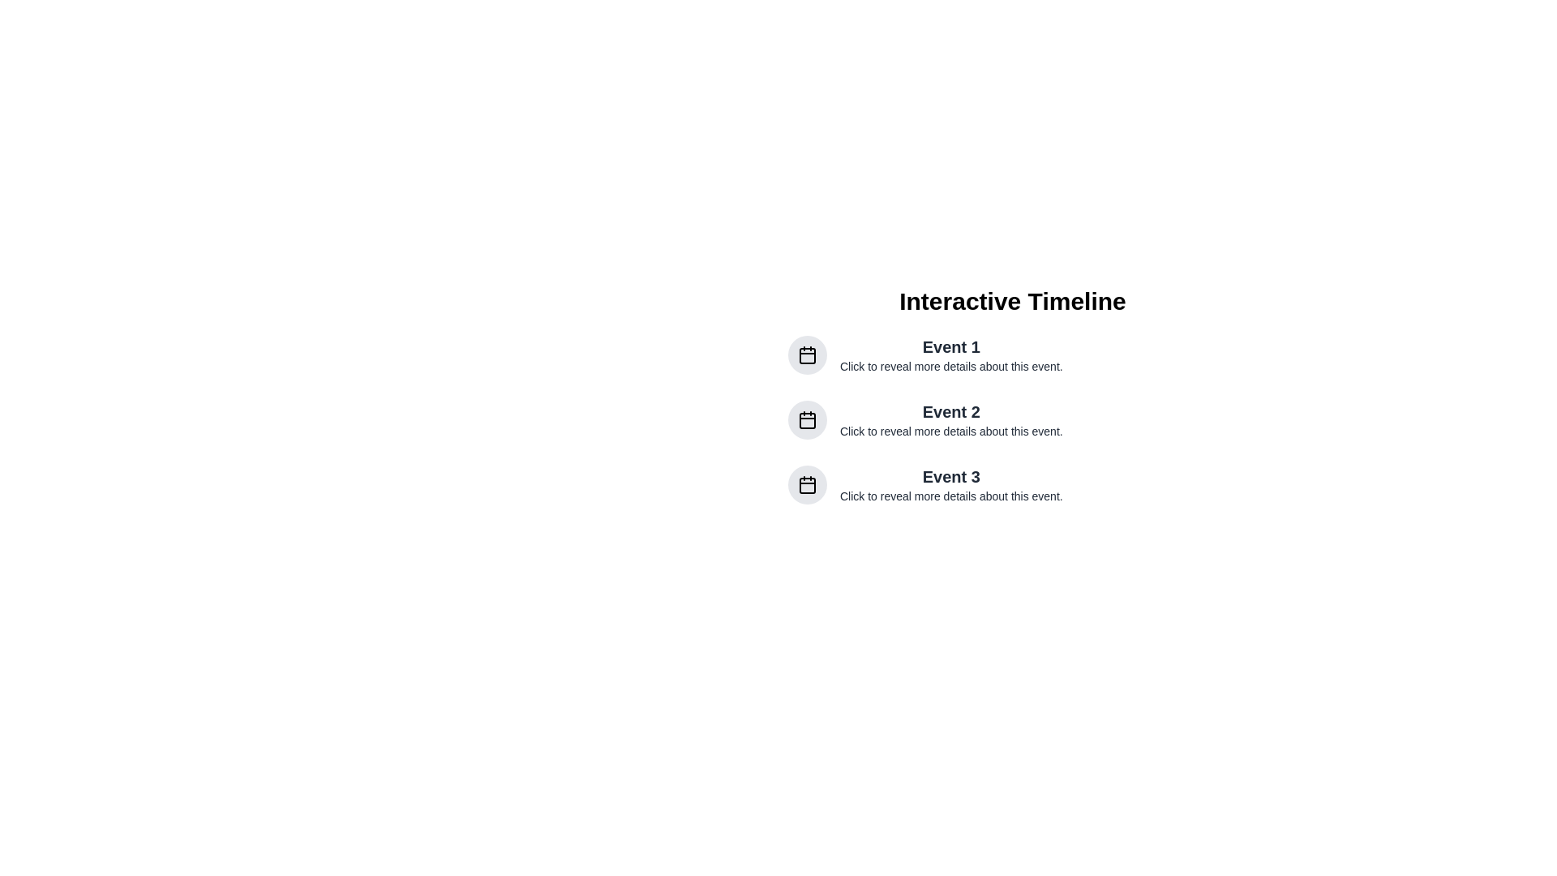  I want to click on the third calendar icon under the 'Interactive Timeline' heading, so click(808, 483).